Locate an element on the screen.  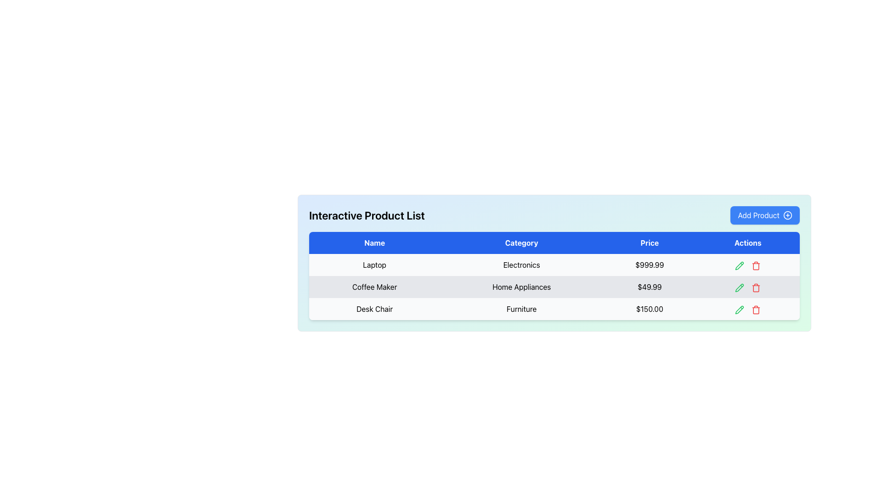
the Text Display element that labels the product category, positioned in the second column of the first row of the product details table, between 'Laptop' and '$999.99' is located at coordinates (521, 265).